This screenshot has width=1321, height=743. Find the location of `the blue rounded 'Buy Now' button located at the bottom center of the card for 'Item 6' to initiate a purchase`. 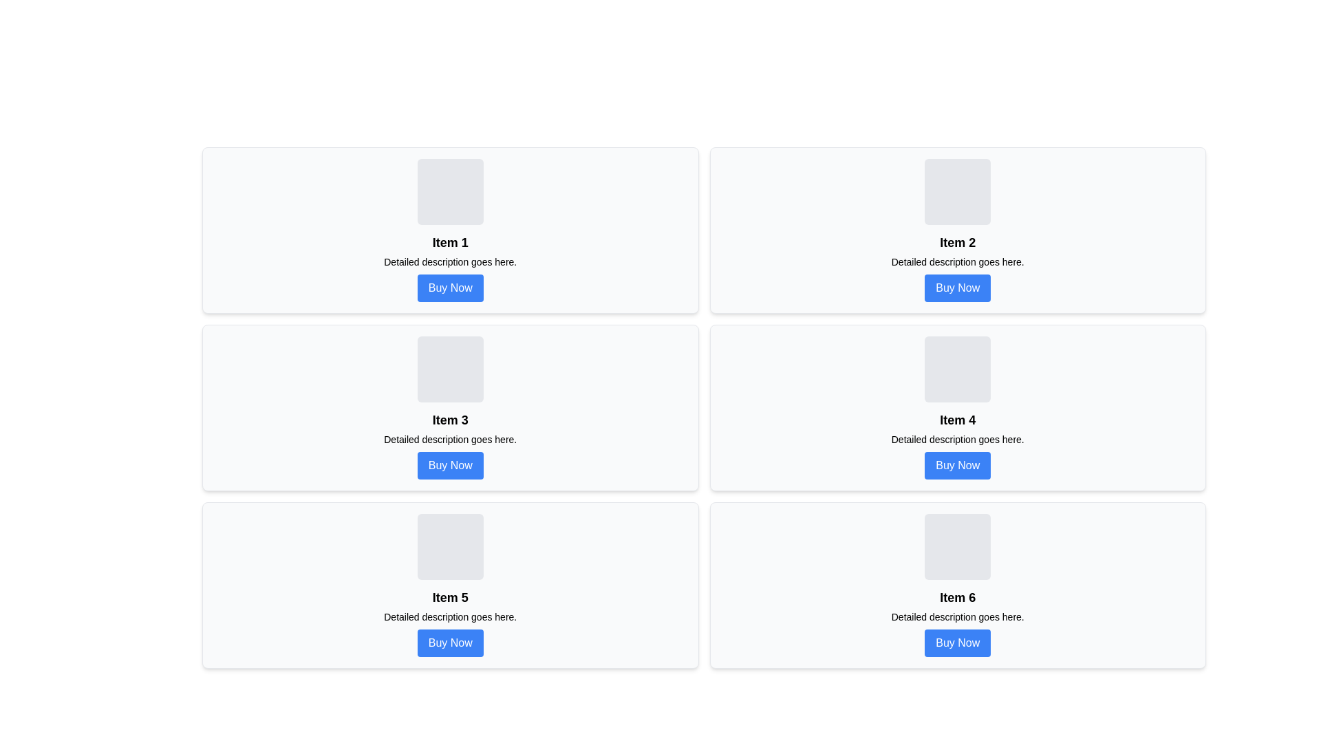

the blue rounded 'Buy Now' button located at the bottom center of the card for 'Item 6' to initiate a purchase is located at coordinates (957, 643).